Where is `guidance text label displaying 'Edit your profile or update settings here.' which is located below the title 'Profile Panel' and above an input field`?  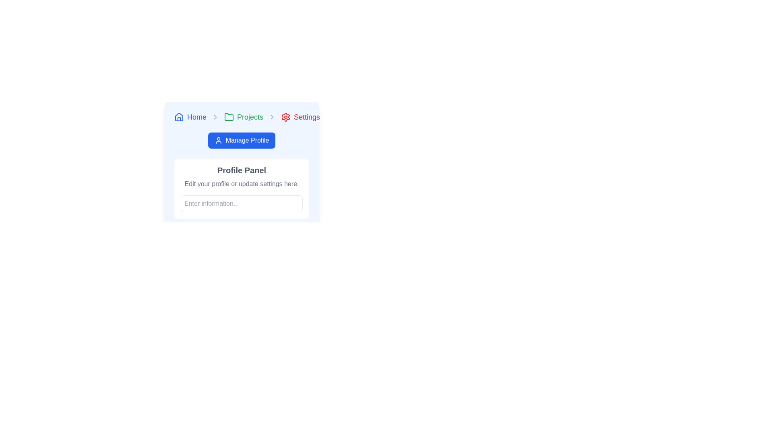
guidance text label displaying 'Edit your profile or update settings here.' which is located below the title 'Profile Panel' and above an input field is located at coordinates (241, 184).